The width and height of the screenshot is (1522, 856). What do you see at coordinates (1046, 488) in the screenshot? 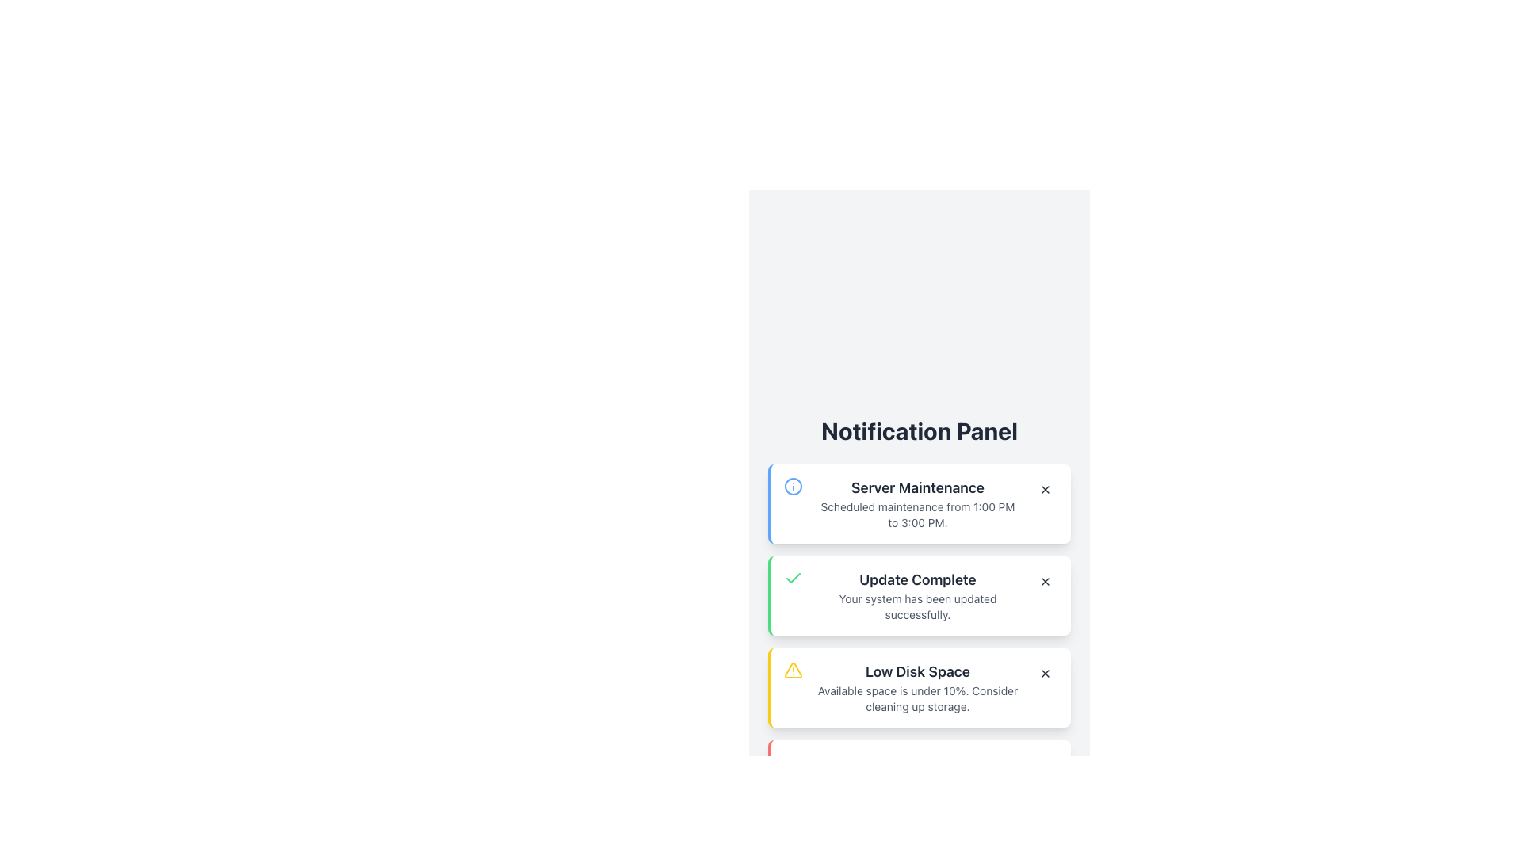
I see `the close icon button resembling an 'X' located at the top-right corner of the 'Server Maintenance' notification card` at bounding box center [1046, 488].